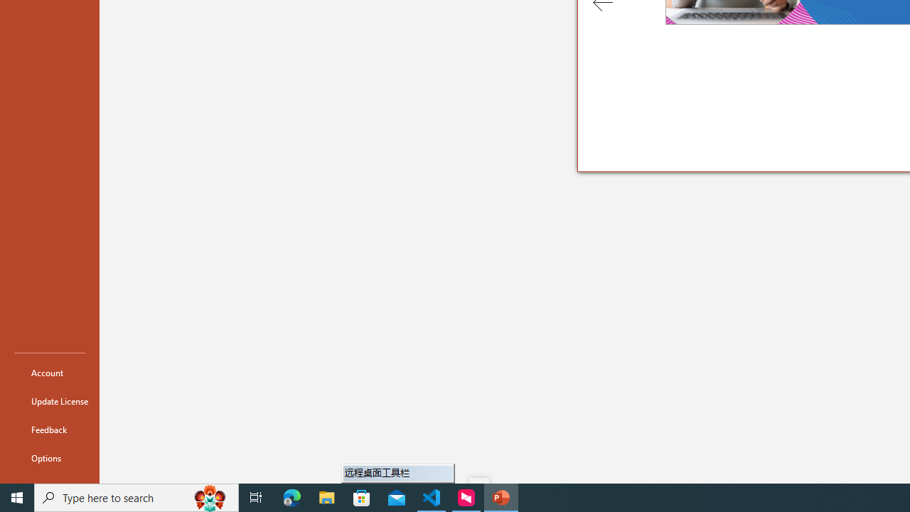  I want to click on 'Account', so click(49, 372).